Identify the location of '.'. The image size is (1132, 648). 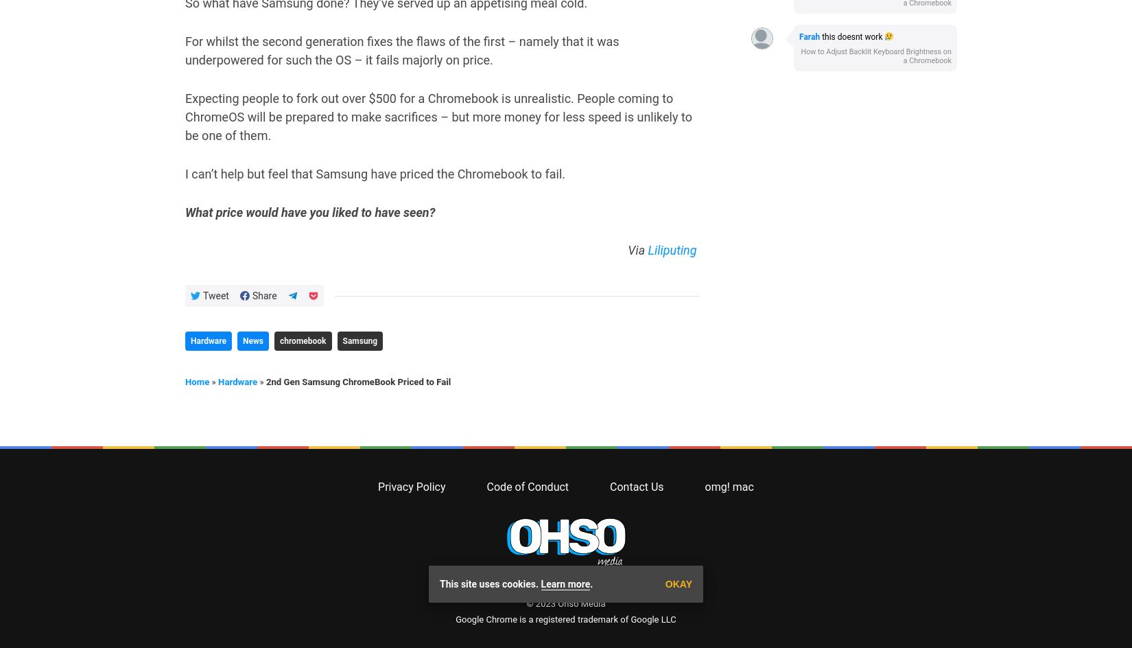
(591, 45).